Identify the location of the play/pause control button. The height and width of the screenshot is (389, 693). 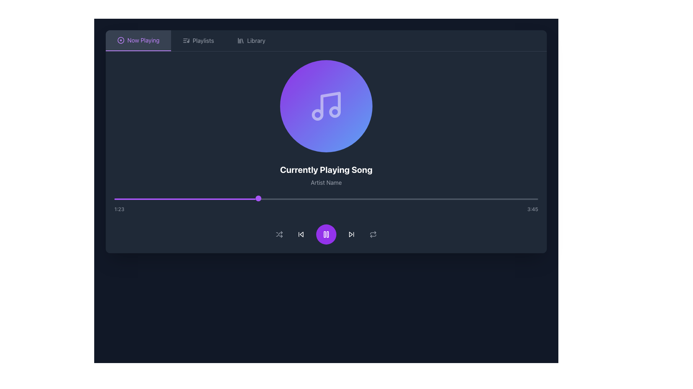
(326, 234).